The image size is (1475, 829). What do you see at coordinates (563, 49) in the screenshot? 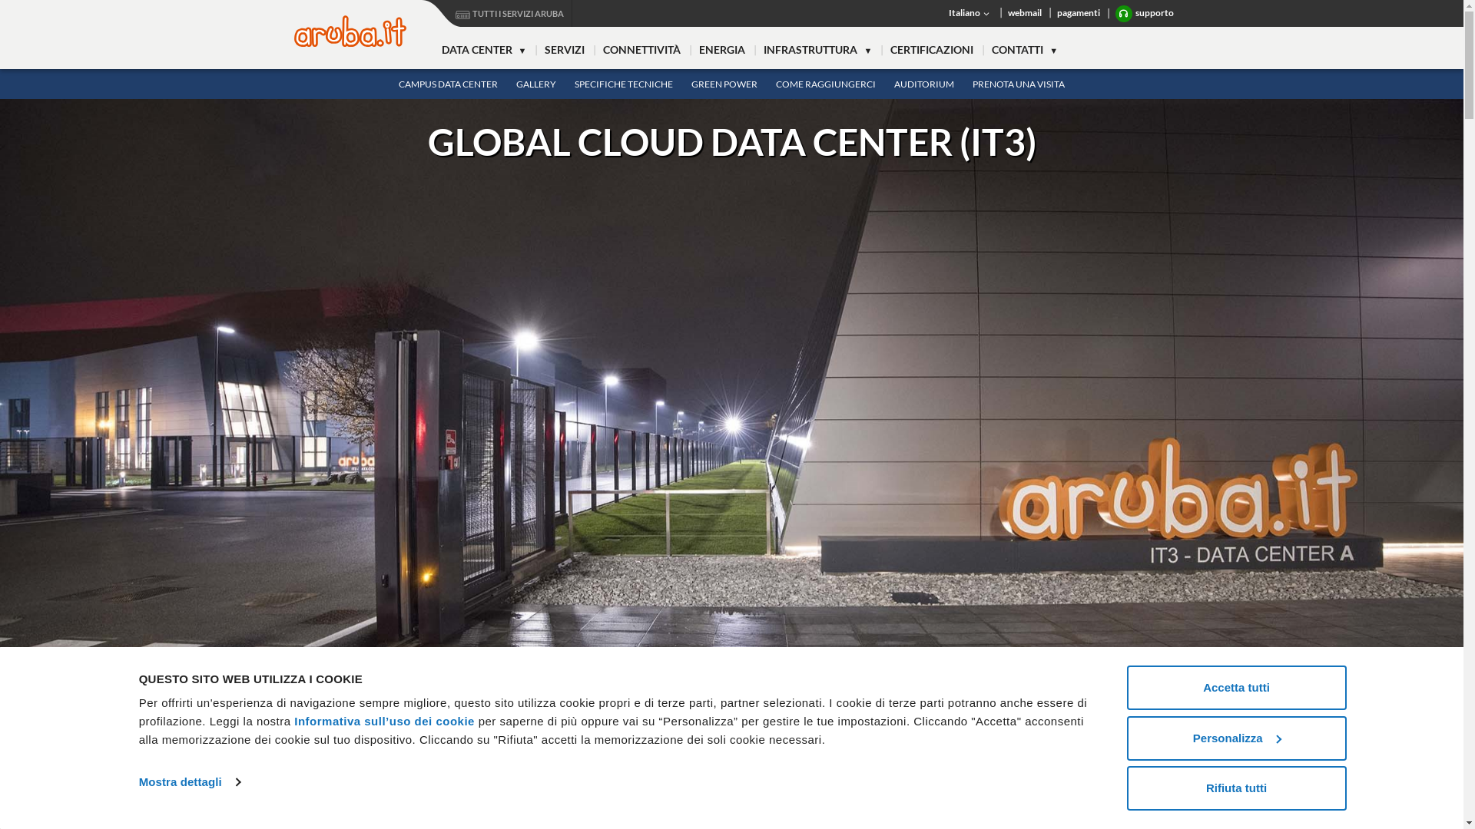
I see `'SERVIZI'` at bounding box center [563, 49].